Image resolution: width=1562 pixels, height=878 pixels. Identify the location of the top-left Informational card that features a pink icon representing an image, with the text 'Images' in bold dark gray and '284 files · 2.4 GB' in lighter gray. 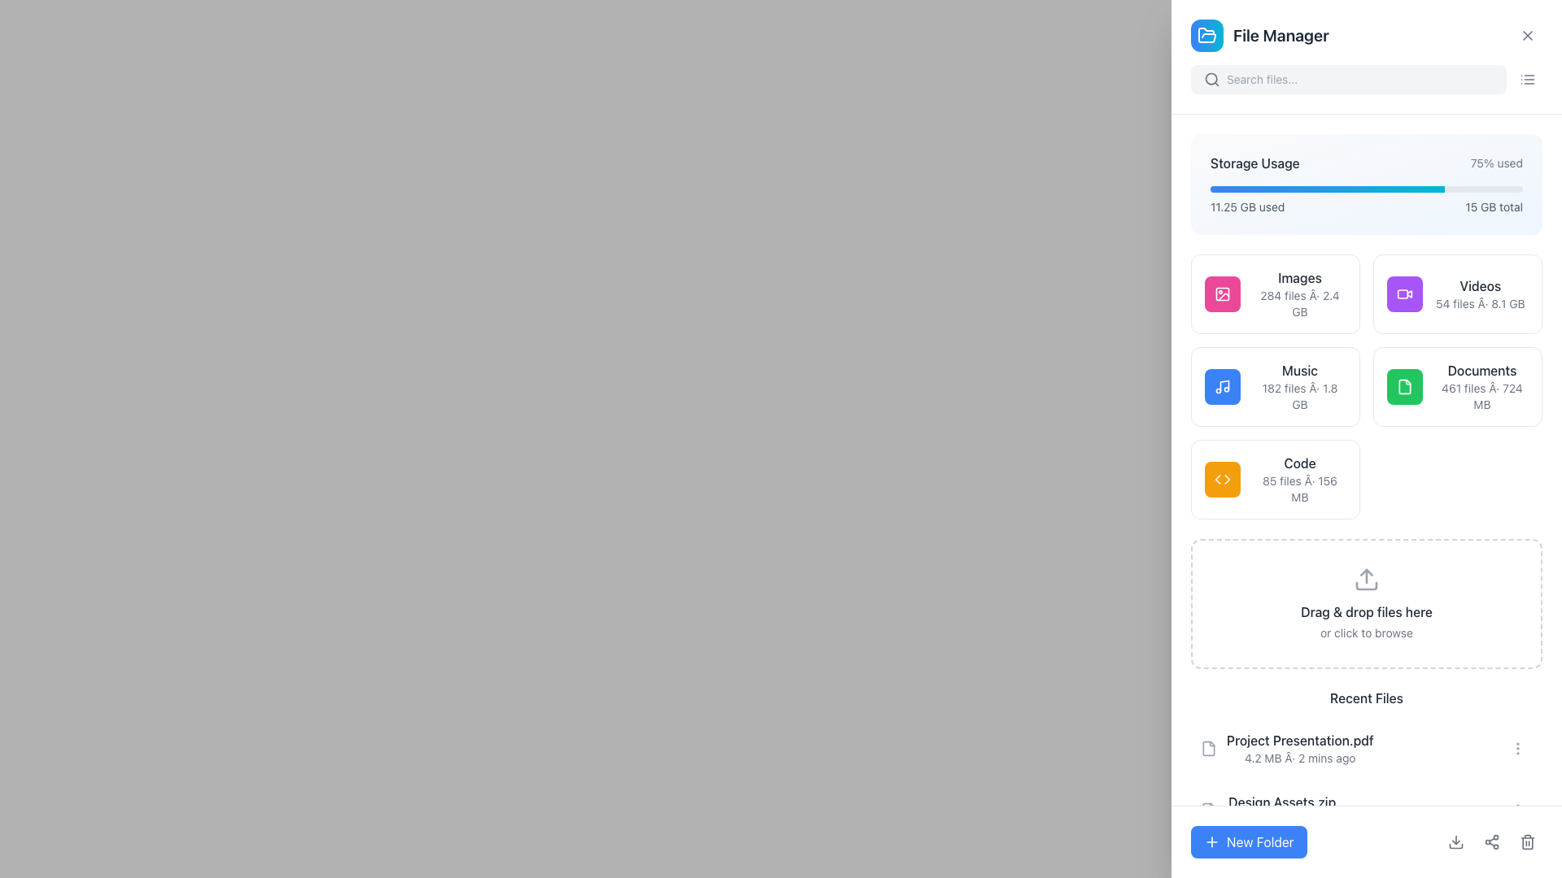
(1275, 294).